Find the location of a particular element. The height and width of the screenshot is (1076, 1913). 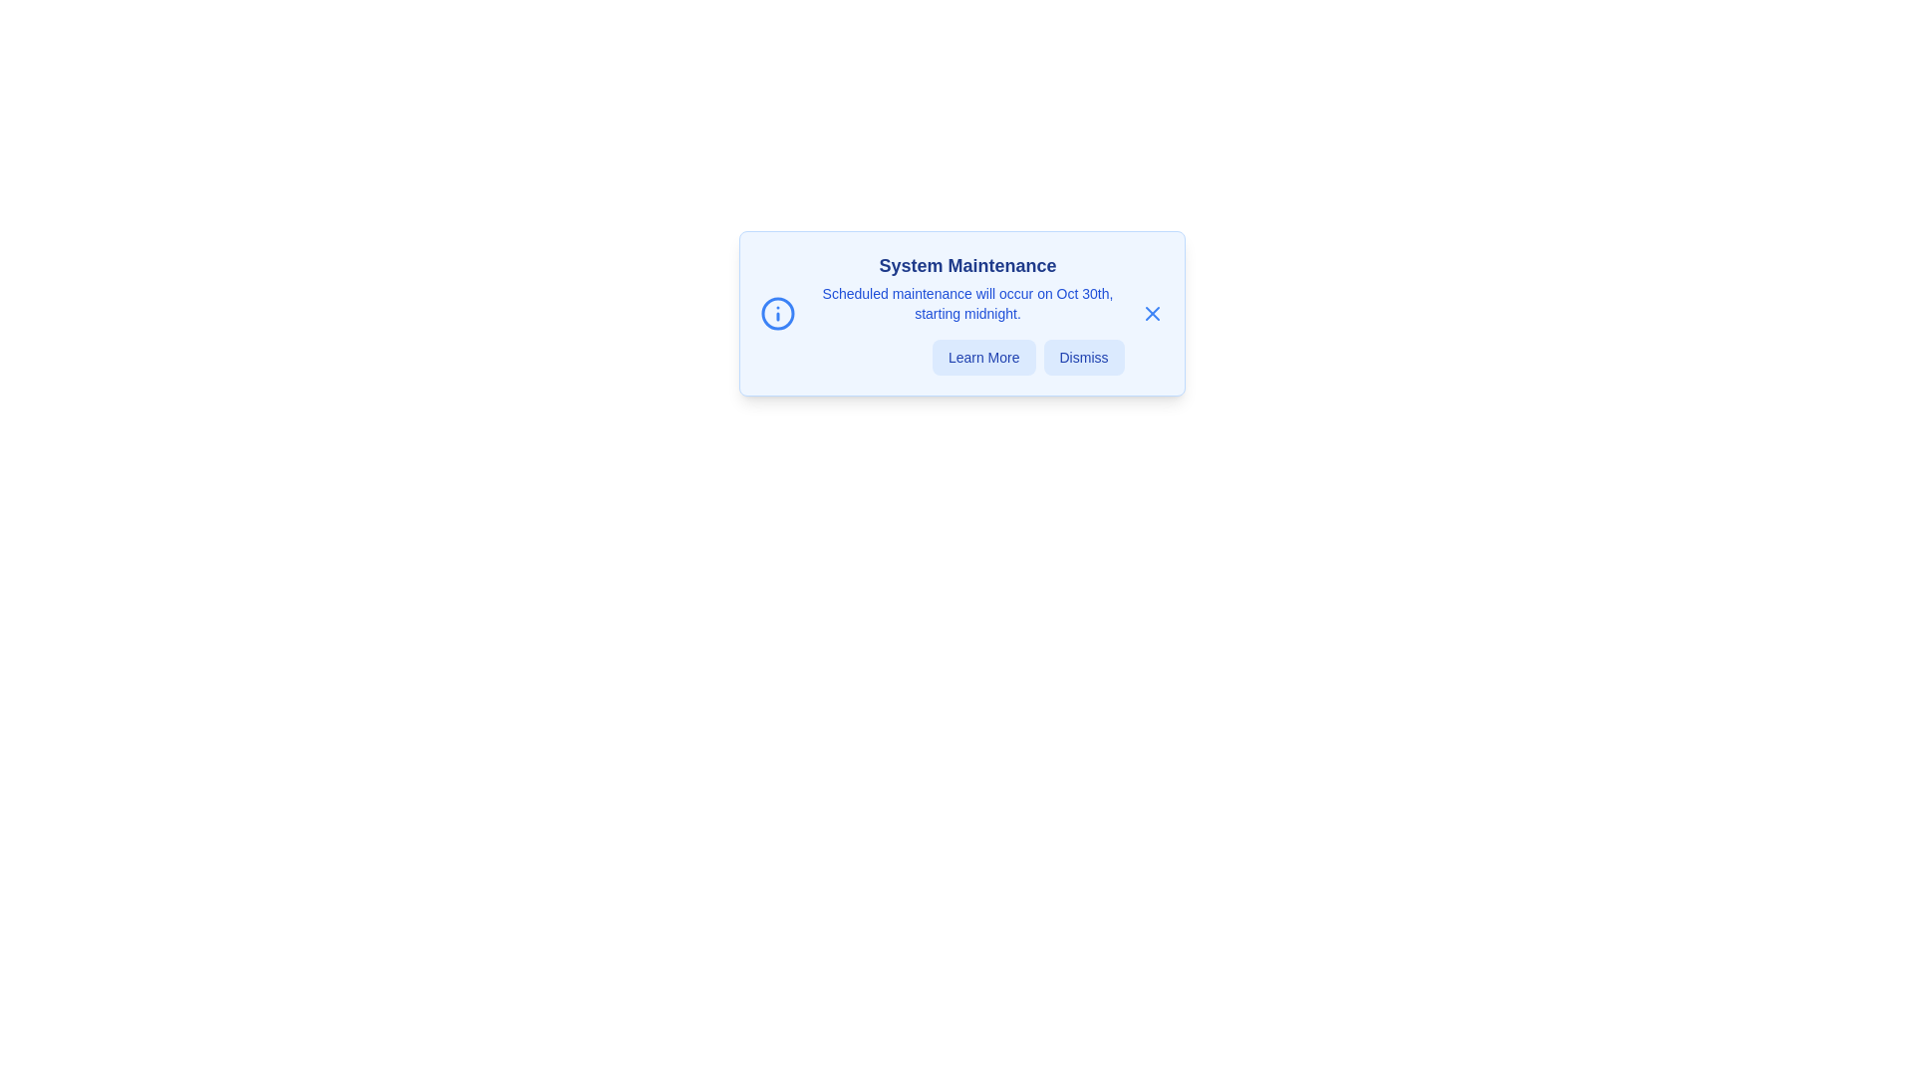

the red cross icon in the top-right corner of the message box is located at coordinates (1152, 314).